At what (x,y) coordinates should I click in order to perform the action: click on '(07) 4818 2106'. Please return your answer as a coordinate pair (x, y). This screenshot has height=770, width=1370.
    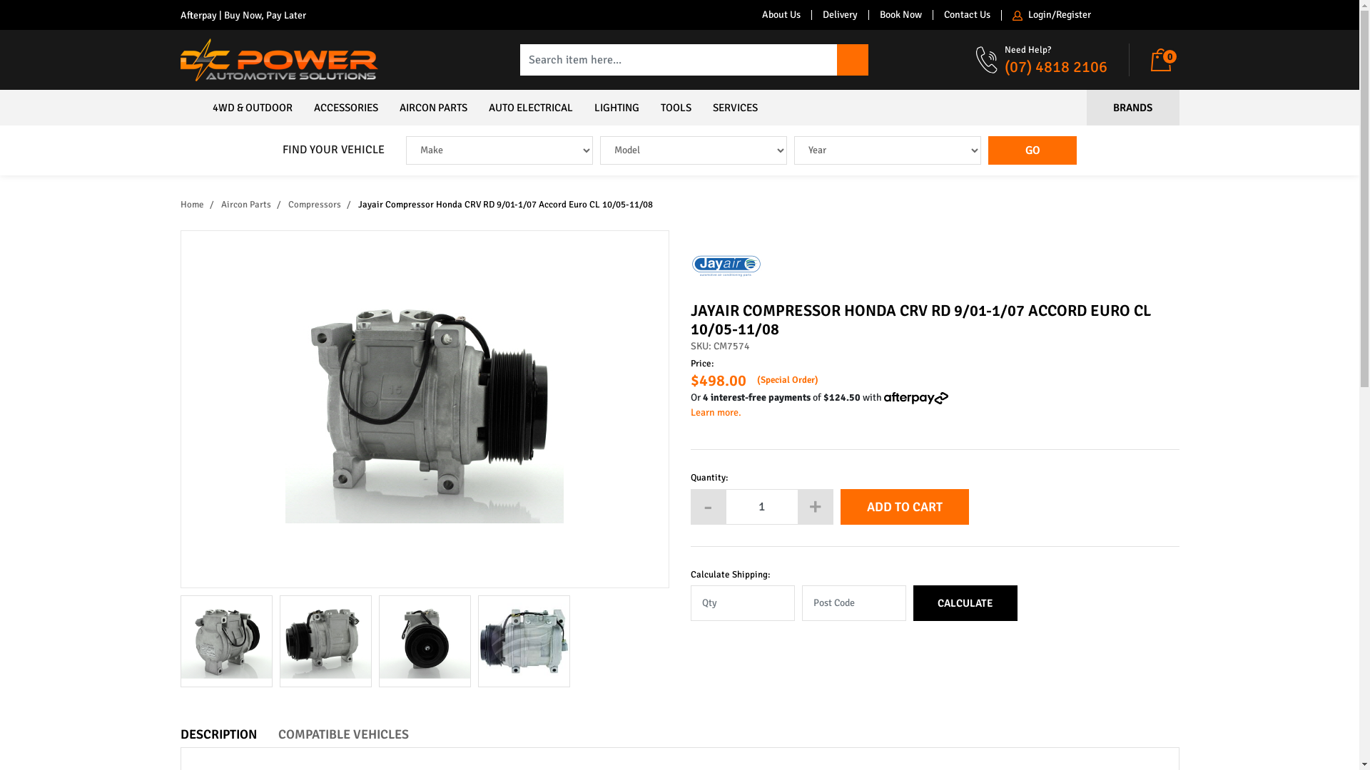
    Looking at the image, I should click on (1055, 66).